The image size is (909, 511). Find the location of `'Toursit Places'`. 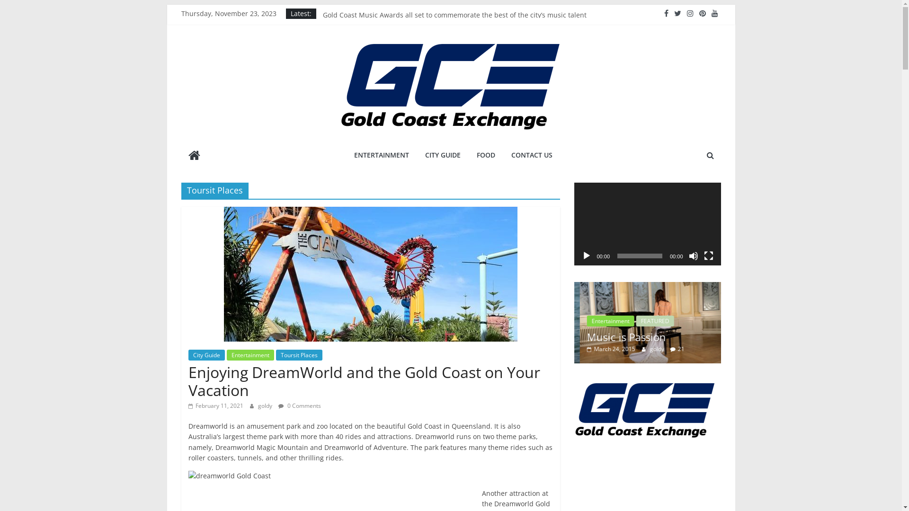

'Toursit Places' is located at coordinates (298, 355).